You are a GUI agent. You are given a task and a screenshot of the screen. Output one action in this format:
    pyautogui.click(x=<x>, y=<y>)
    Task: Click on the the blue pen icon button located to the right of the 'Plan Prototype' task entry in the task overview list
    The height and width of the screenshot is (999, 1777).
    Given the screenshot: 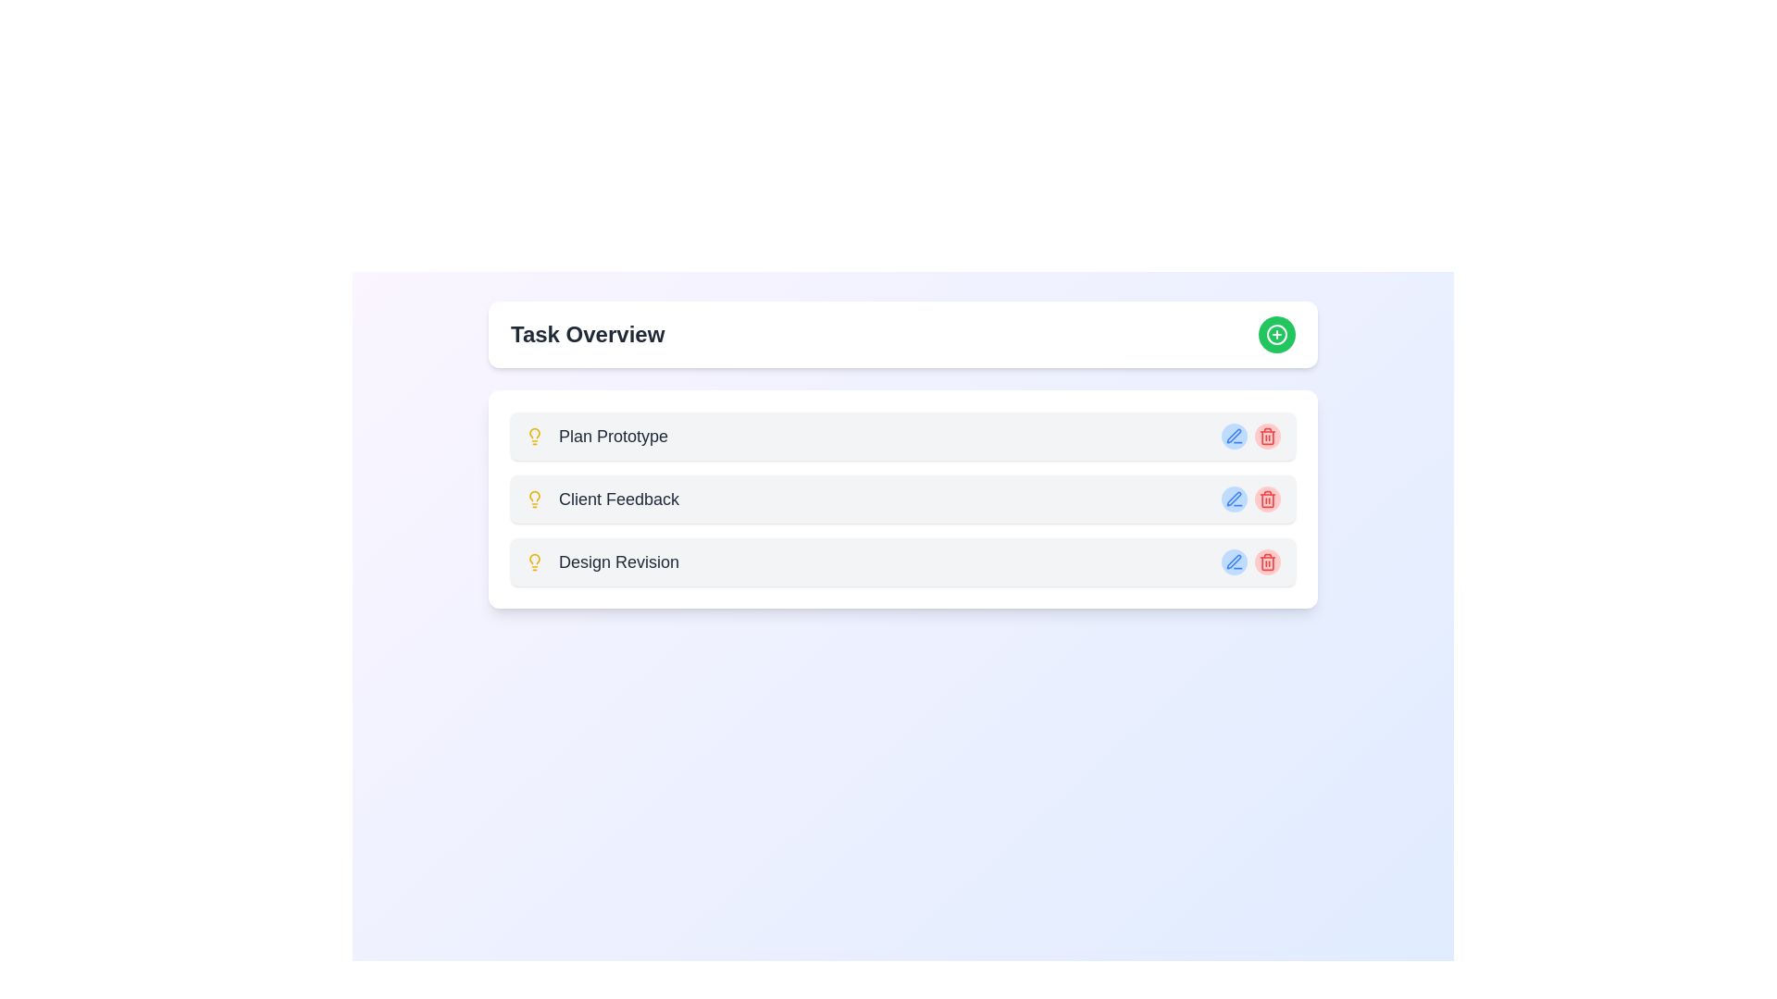 What is the action you would take?
    pyautogui.click(x=1235, y=436)
    